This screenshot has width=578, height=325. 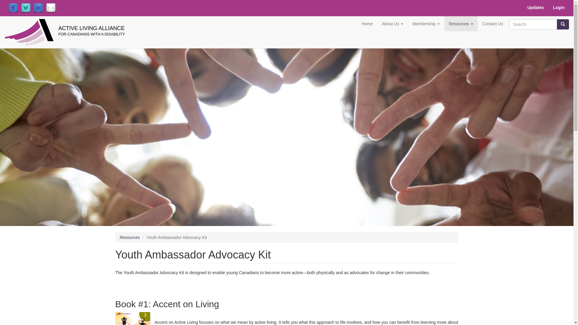 What do you see at coordinates (558, 7) in the screenshot?
I see `'Login'` at bounding box center [558, 7].